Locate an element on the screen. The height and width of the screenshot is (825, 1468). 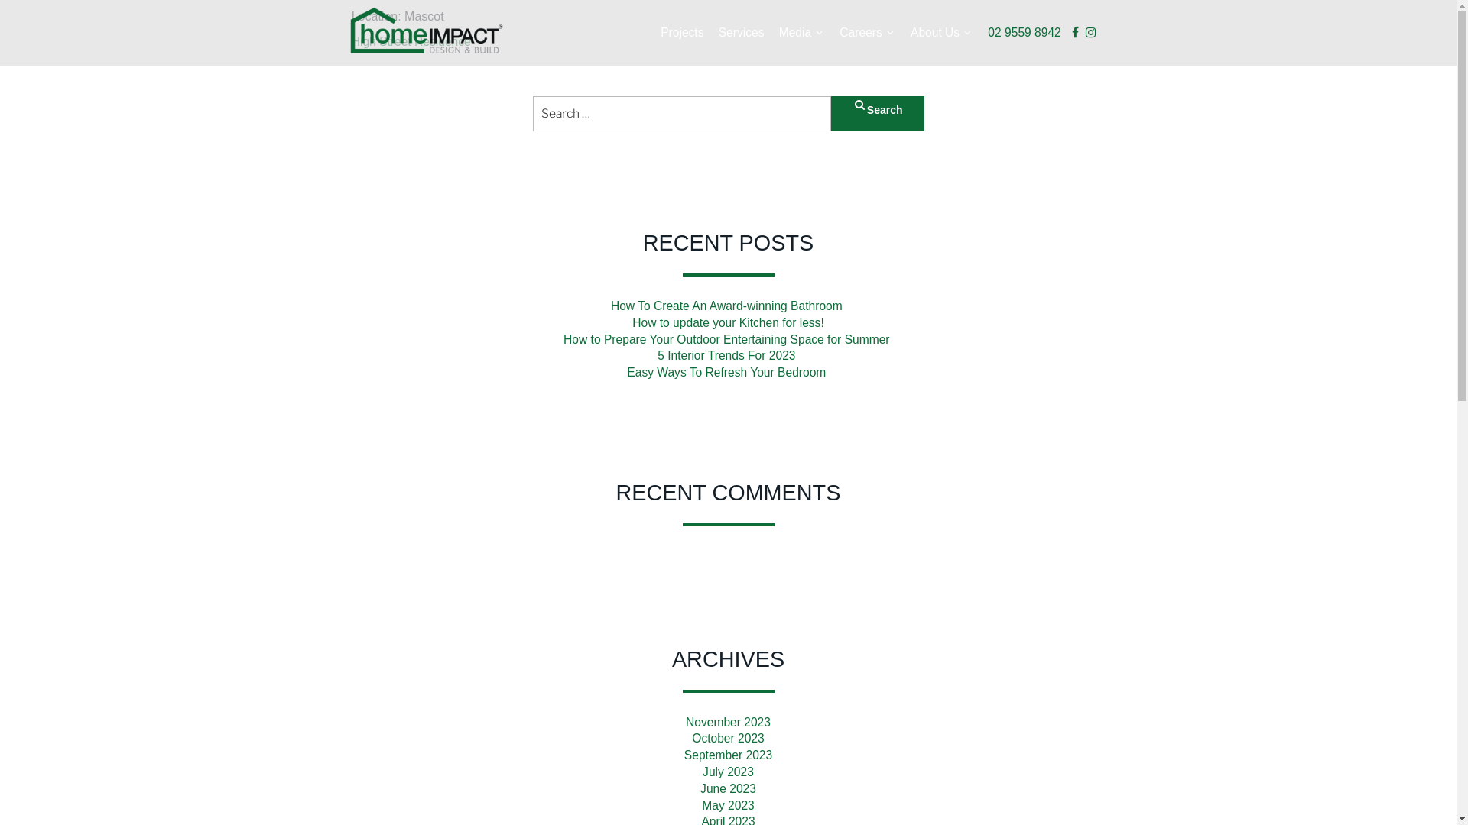
'Easy Ways To Refresh Your Bedroom ' is located at coordinates (627, 372).